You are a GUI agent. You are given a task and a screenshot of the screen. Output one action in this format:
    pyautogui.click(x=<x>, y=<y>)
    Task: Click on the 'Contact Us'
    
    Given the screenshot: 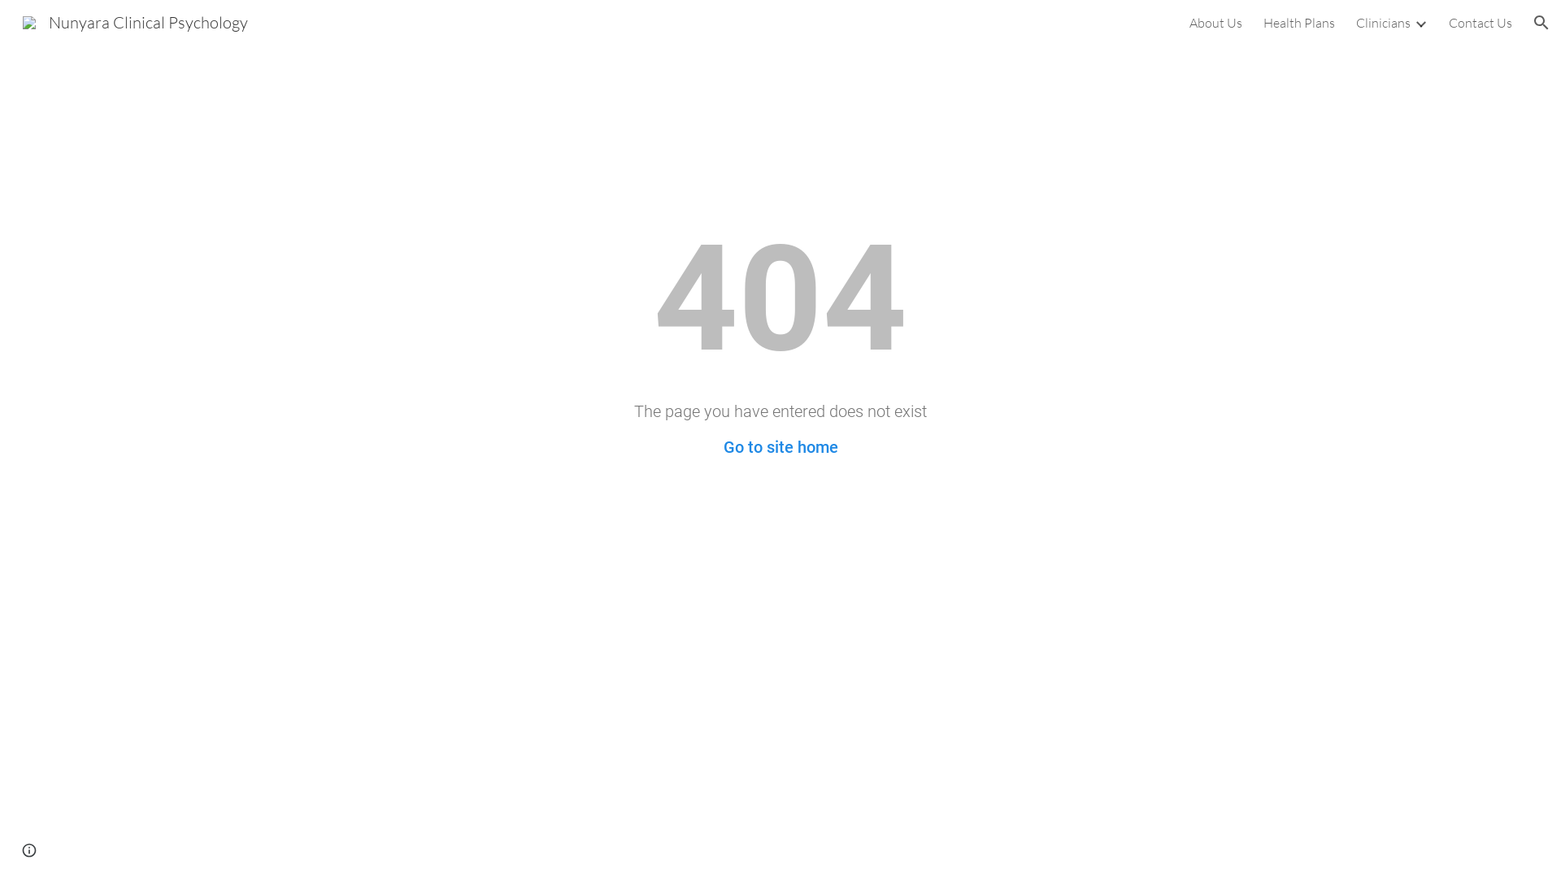 What is the action you would take?
    pyautogui.click(x=1480, y=22)
    